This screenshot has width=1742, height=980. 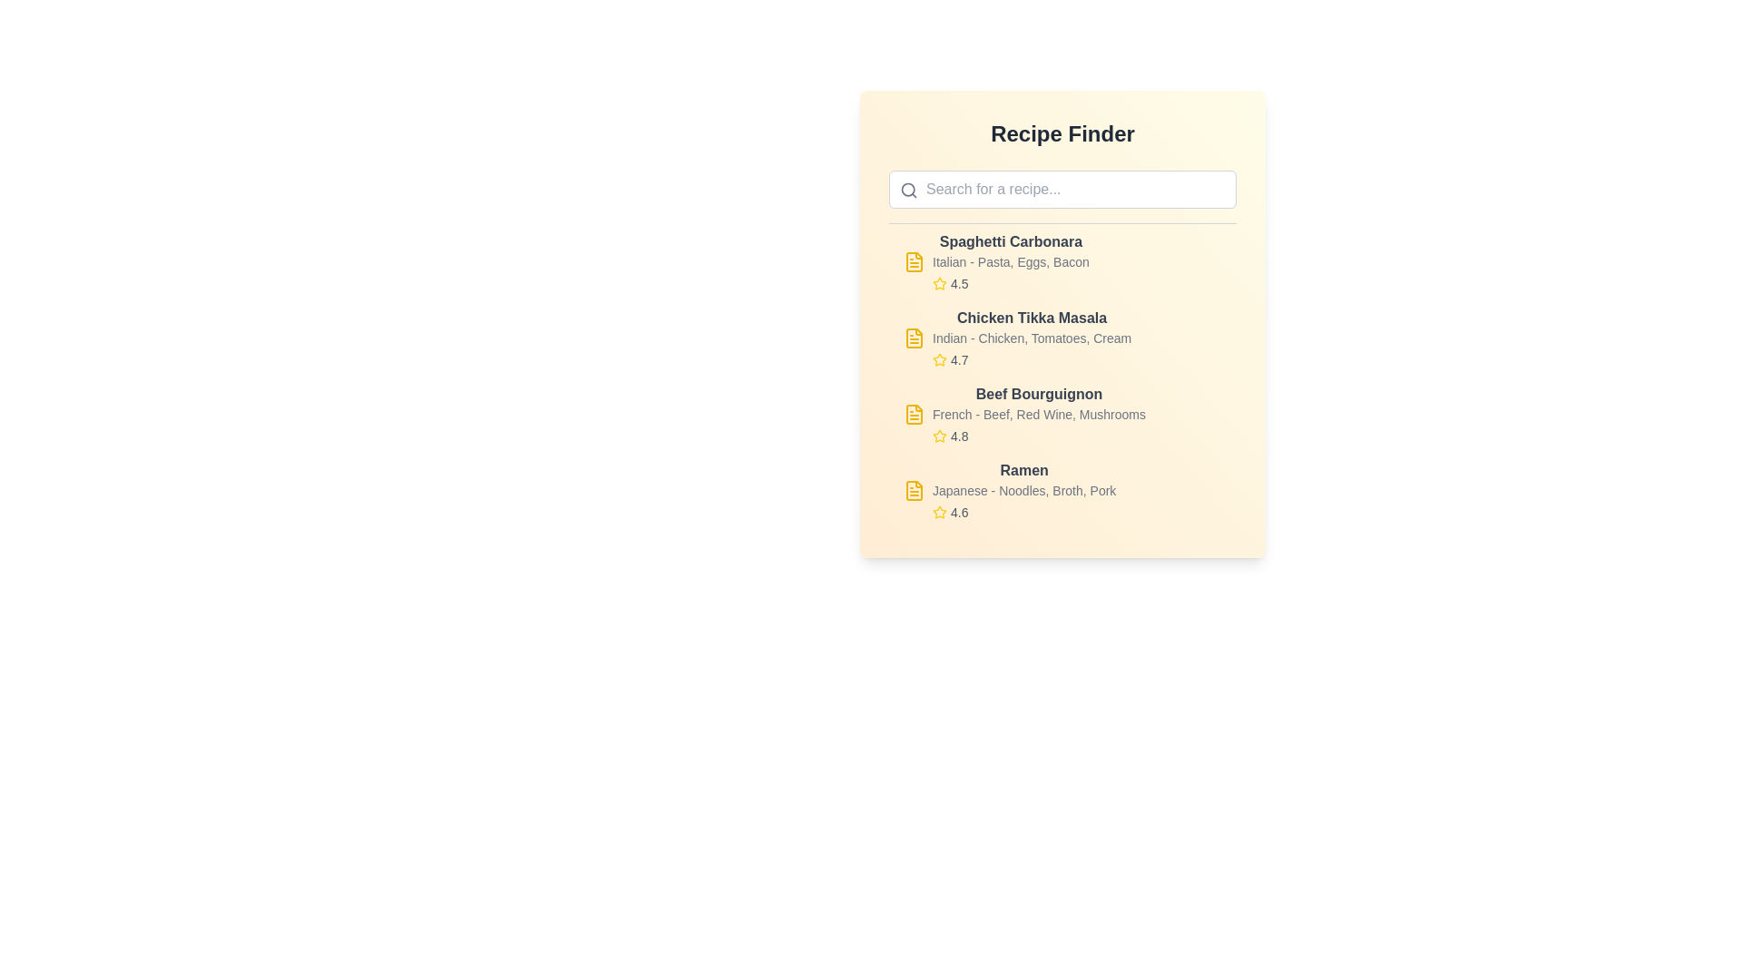 I want to click on the third list item displaying the 'Beef Bourguignon' recipe, which includes its name, cuisine type, main ingredients, and rating, so click(x=1062, y=414).